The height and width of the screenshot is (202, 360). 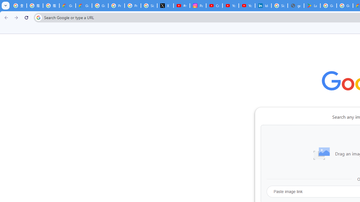 What do you see at coordinates (279, 6) in the screenshot?
I see `'Sign in - Google Accounts'` at bounding box center [279, 6].